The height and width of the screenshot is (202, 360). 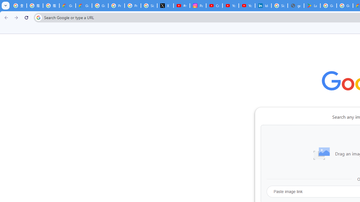 What do you see at coordinates (279, 6) in the screenshot?
I see `'Sign in - Google Accounts'` at bounding box center [279, 6].